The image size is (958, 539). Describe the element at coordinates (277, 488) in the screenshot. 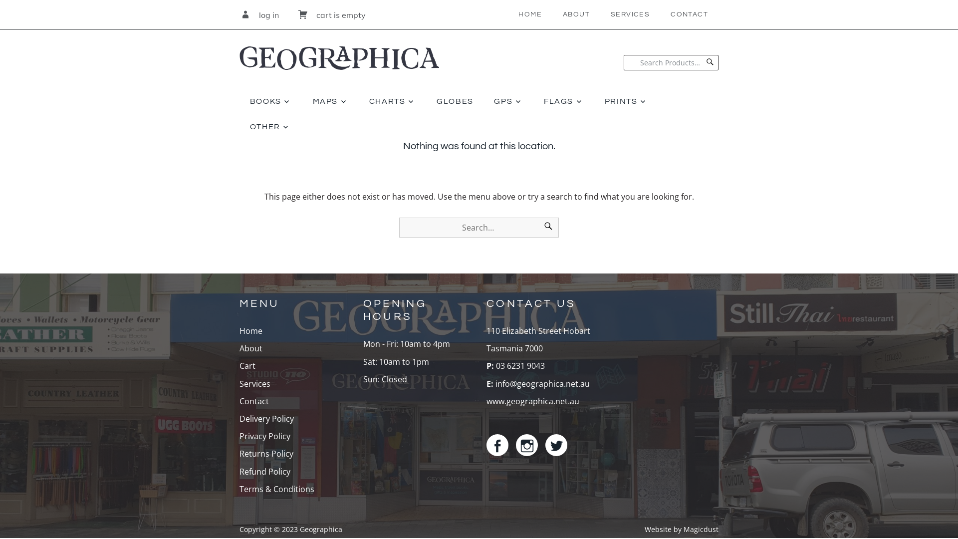

I see `'Terms & Conditions'` at that location.